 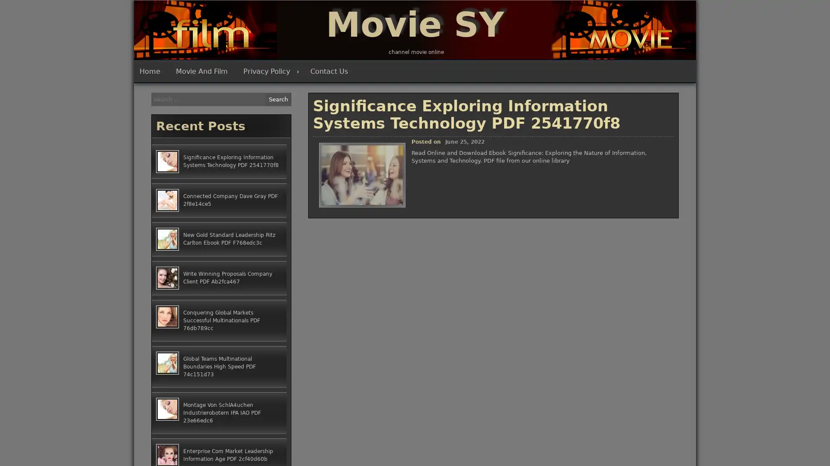 What do you see at coordinates (278, 99) in the screenshot?
I see `Search` at bounding box center [278, 99].